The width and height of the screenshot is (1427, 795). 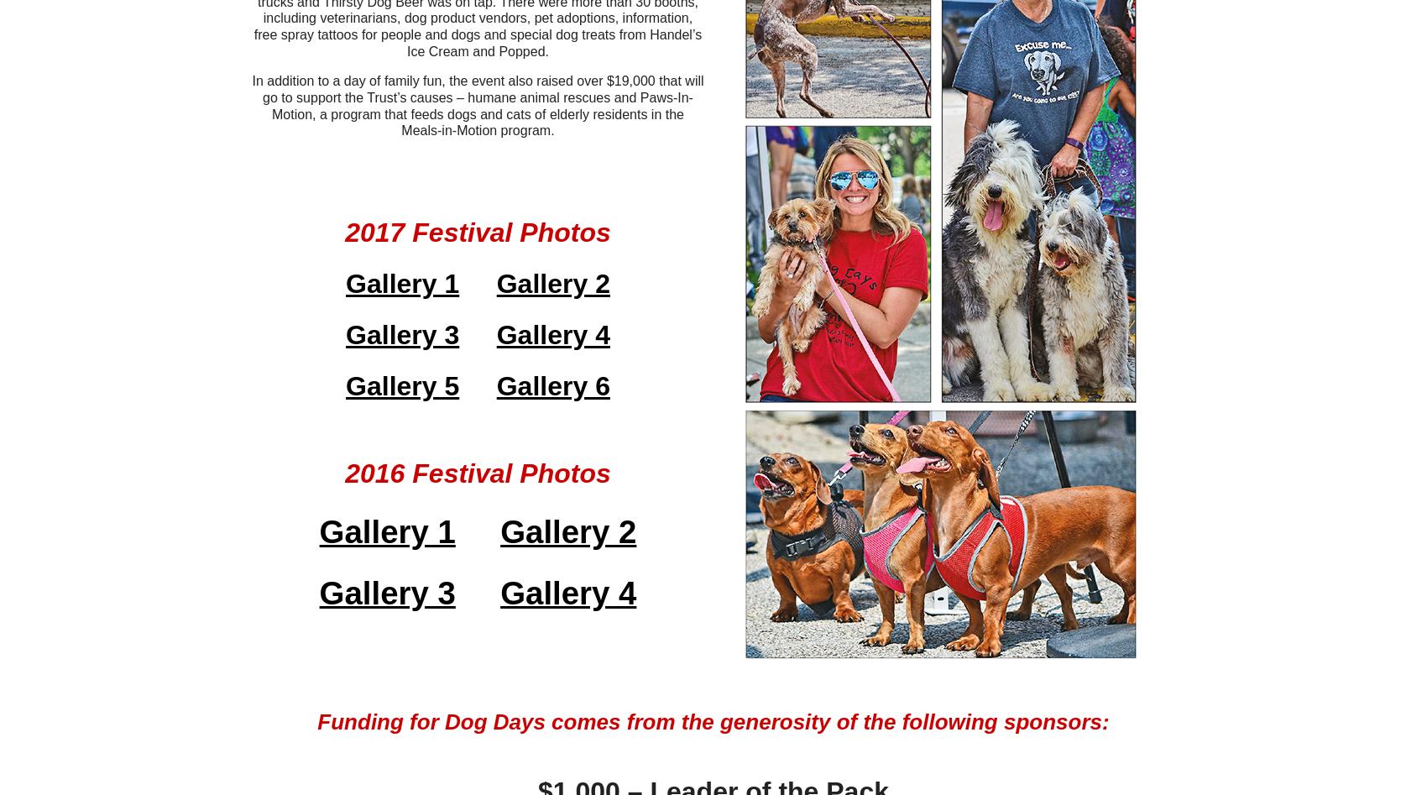 What do you see at coordinates (402, 385) in the screenshot?
I see `'Gallery 5'` at bounding box center [402, 385].